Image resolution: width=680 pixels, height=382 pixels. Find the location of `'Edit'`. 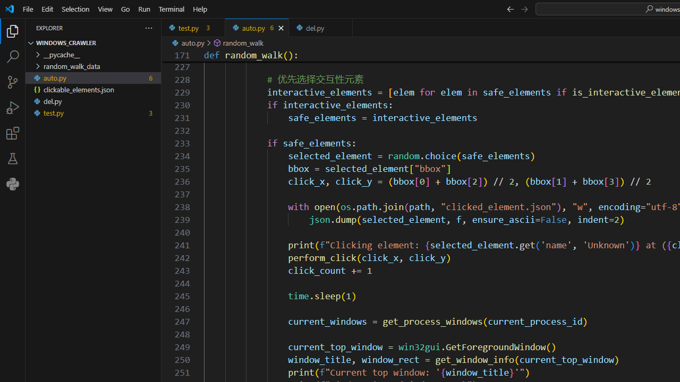

'Edit' is located at coordinates (47, 8).